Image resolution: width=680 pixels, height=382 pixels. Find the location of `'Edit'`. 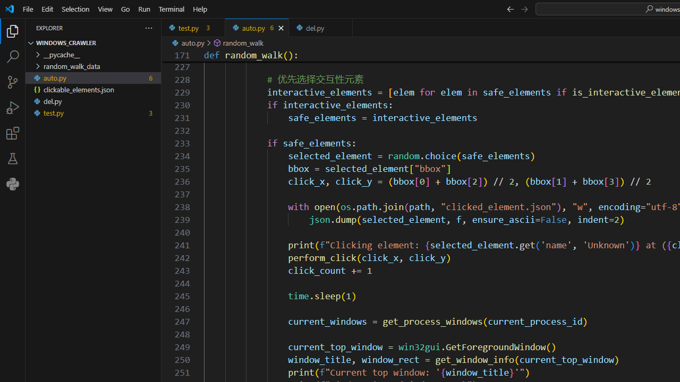

'Edit' is located at coordinates (47, 8).